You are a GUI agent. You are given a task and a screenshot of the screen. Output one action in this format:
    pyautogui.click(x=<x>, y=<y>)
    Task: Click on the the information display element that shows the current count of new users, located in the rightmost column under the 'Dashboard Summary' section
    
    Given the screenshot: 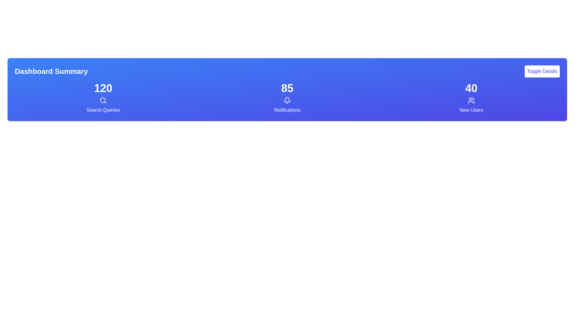 What is the action you would take?
    pyautogui.click(x=471, y=98)
    